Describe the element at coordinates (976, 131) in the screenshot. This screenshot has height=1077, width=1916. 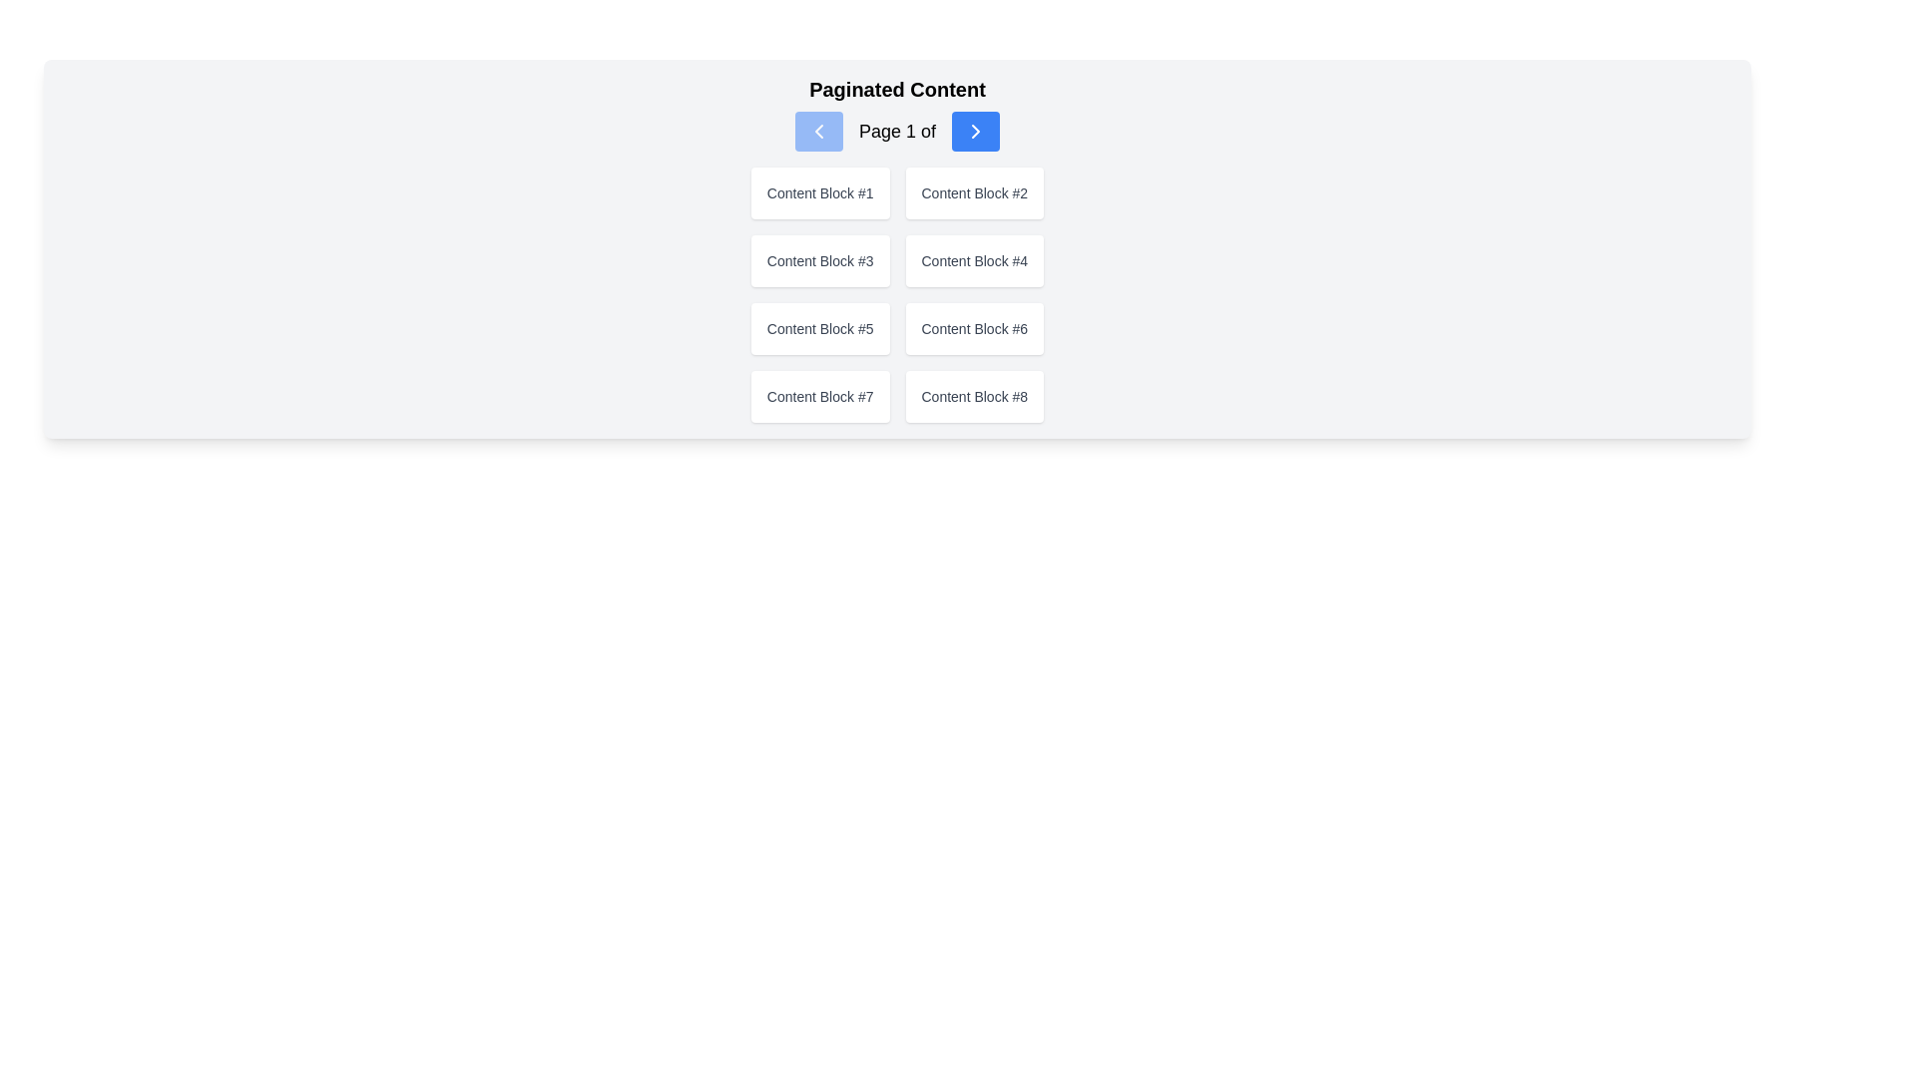
I see `the blue rectangular button with rounded corners and a white arrow icon, located to the right of 'Page 1 of' in the pagination control bar` at that location.